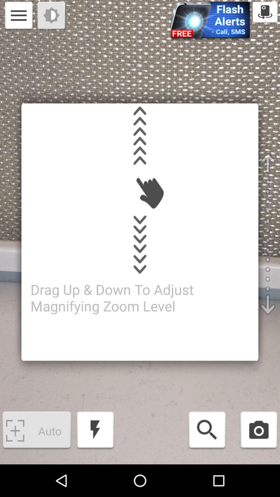  I want to click on brightness icon, so click(52, 16).